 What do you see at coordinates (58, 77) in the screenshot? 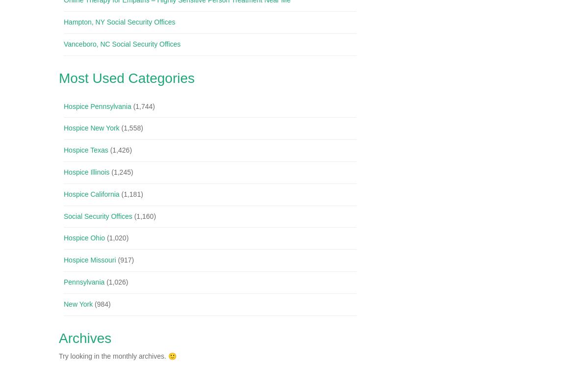
I see `'Most Used Categories'` at bounding box center [58, 77].